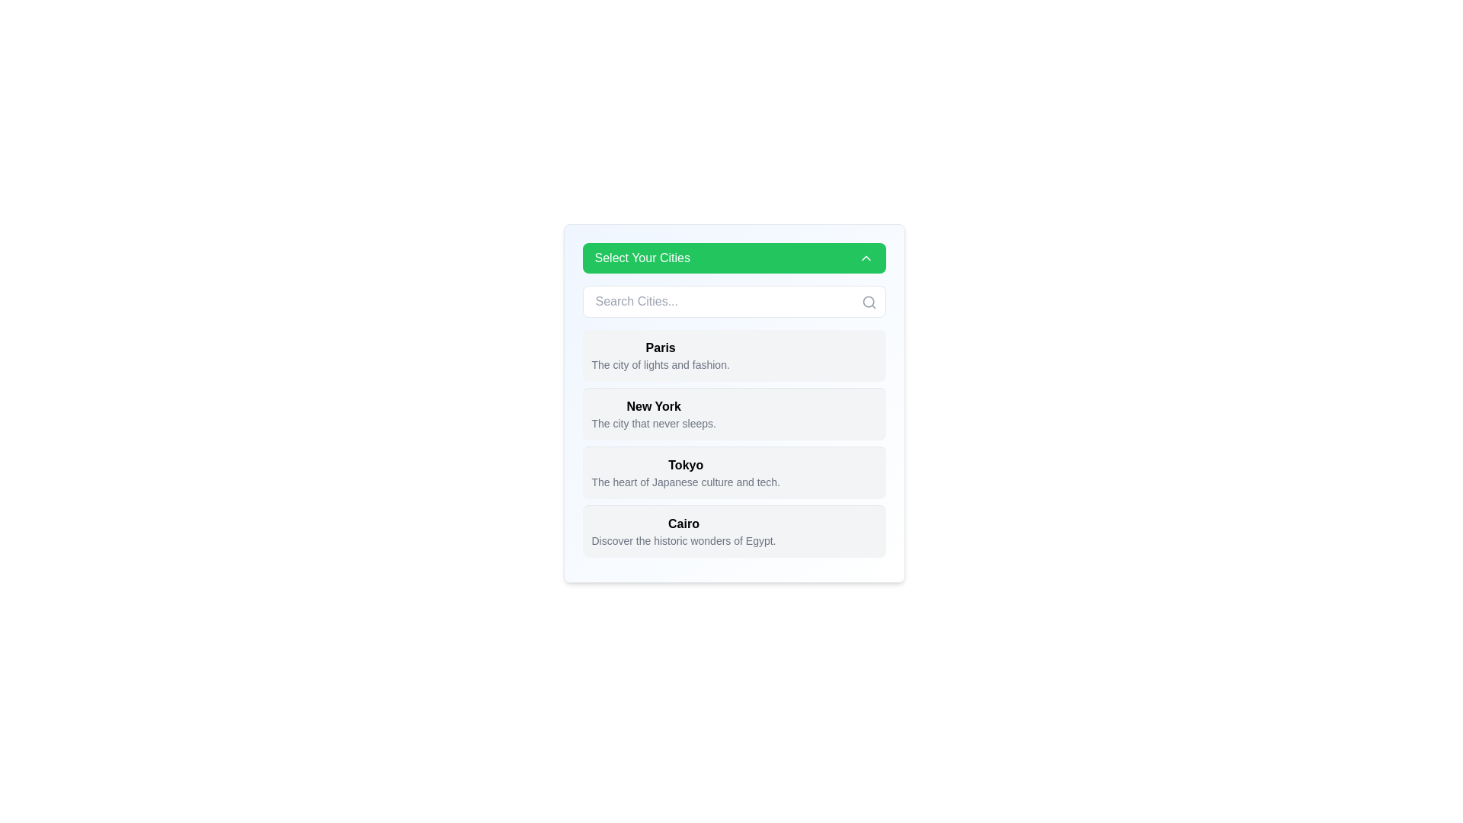  Describe the element at coordinates (683, 523) in the screenshot. I see `the bolded text label displaying the word 'Cairo', which is styled with a thicker font weight and is black in color, located at the top of a list entry` at that location.